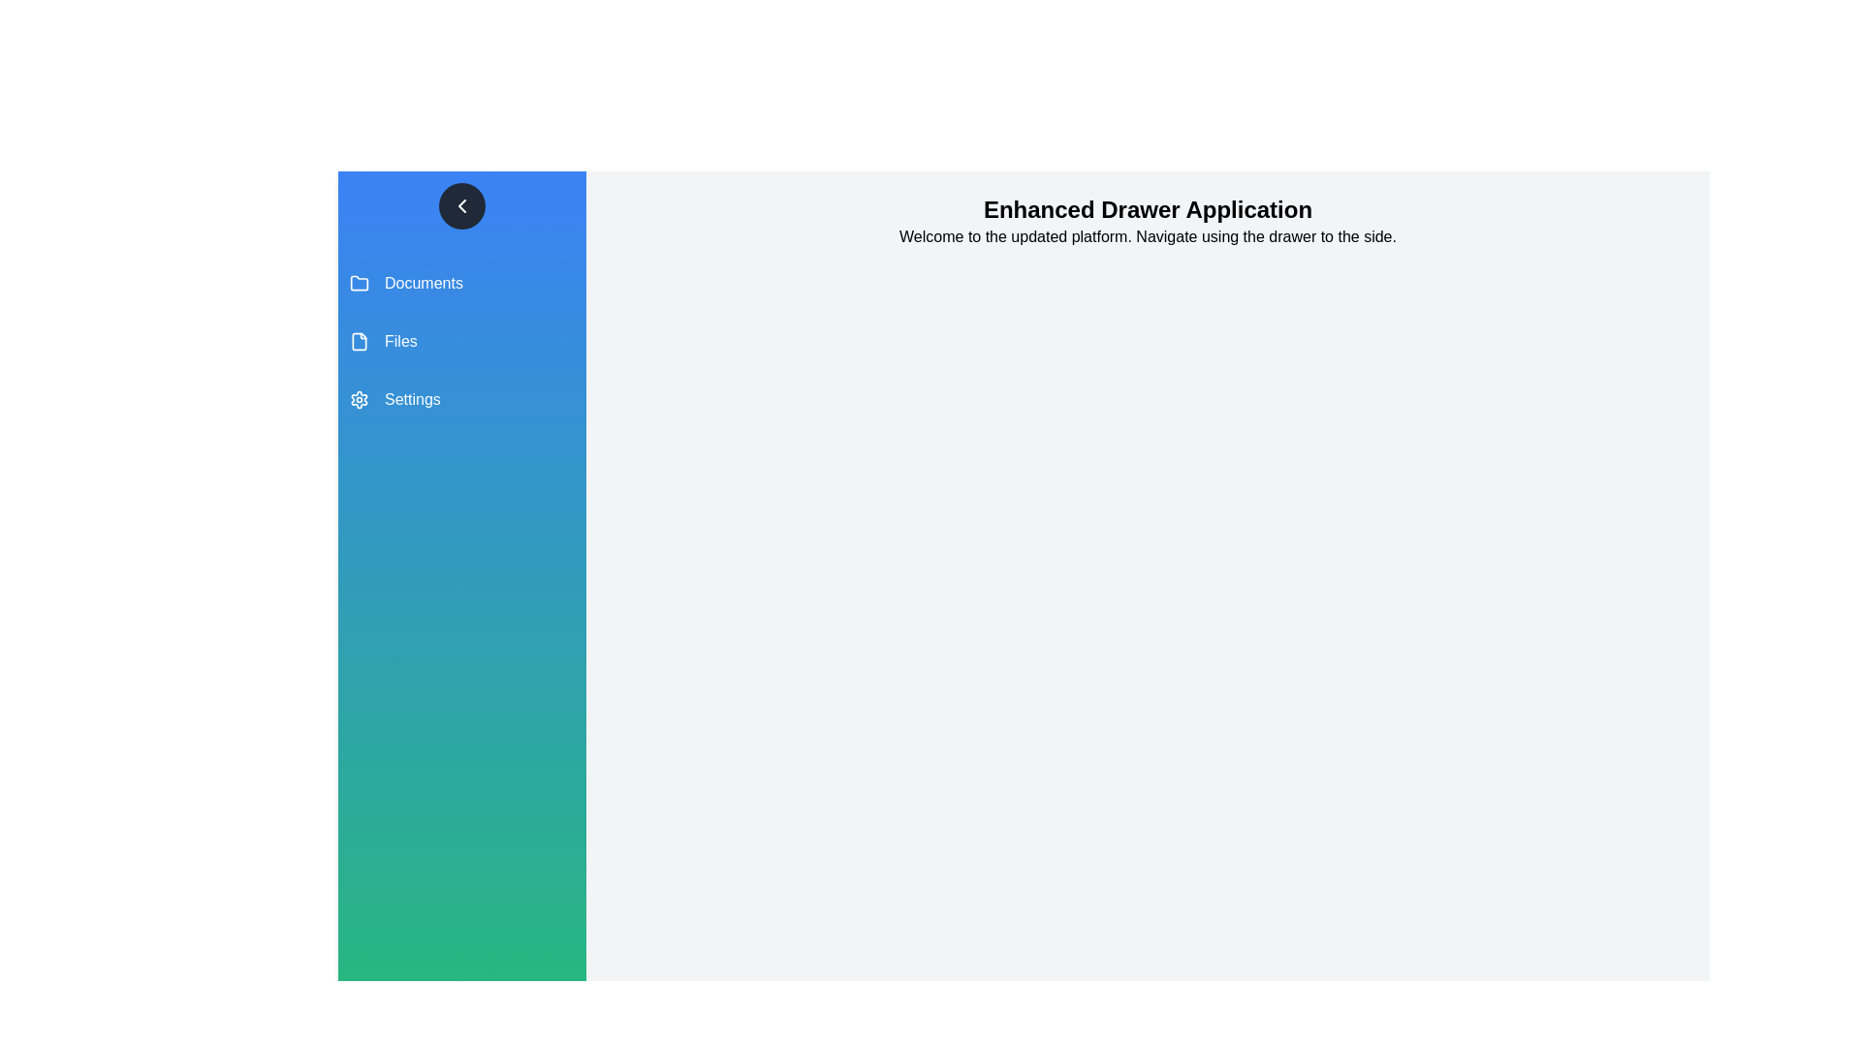  What do you see at coordinates (460, 284) in the screenshot?
I see `the menu item Documents to navigate` at bounding box center [460, 284].